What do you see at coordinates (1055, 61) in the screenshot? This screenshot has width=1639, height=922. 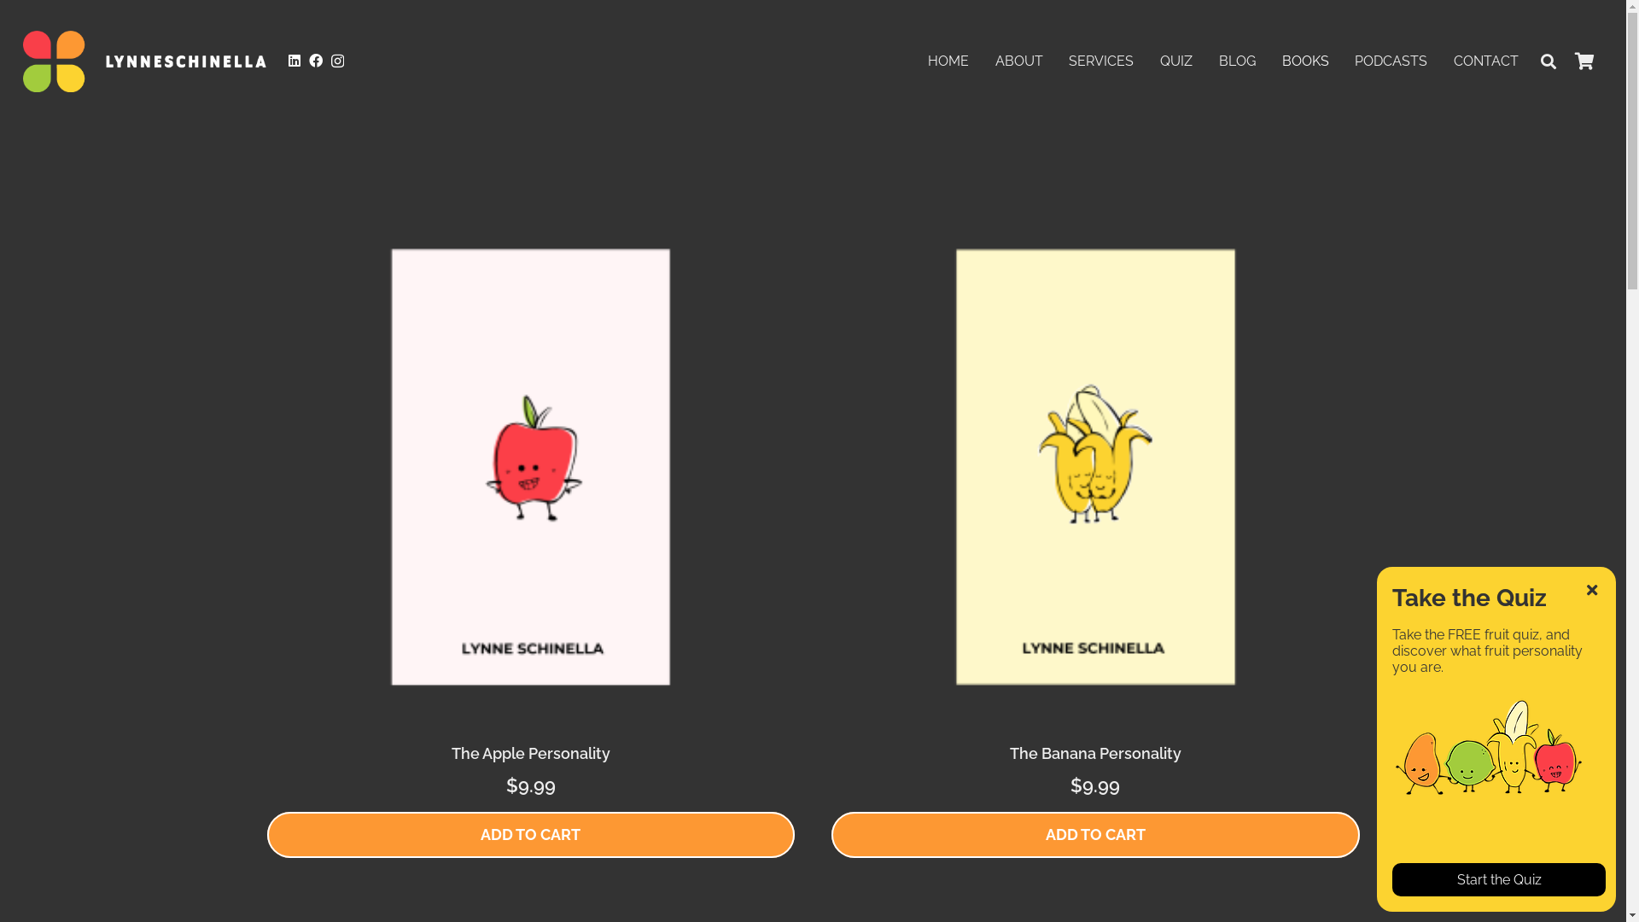 I see `'SERVICES'` at bounding box center [1055, 61].